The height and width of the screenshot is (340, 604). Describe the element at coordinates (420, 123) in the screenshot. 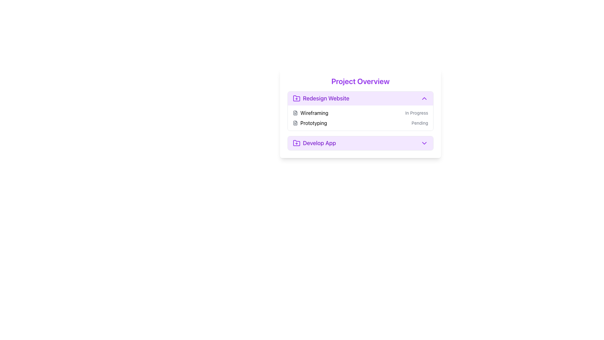

I see `the static text label displaying 'Pending' in gray color located in the second row of the 'Redesign Website' list in the 'Project Overview' section` at that location.